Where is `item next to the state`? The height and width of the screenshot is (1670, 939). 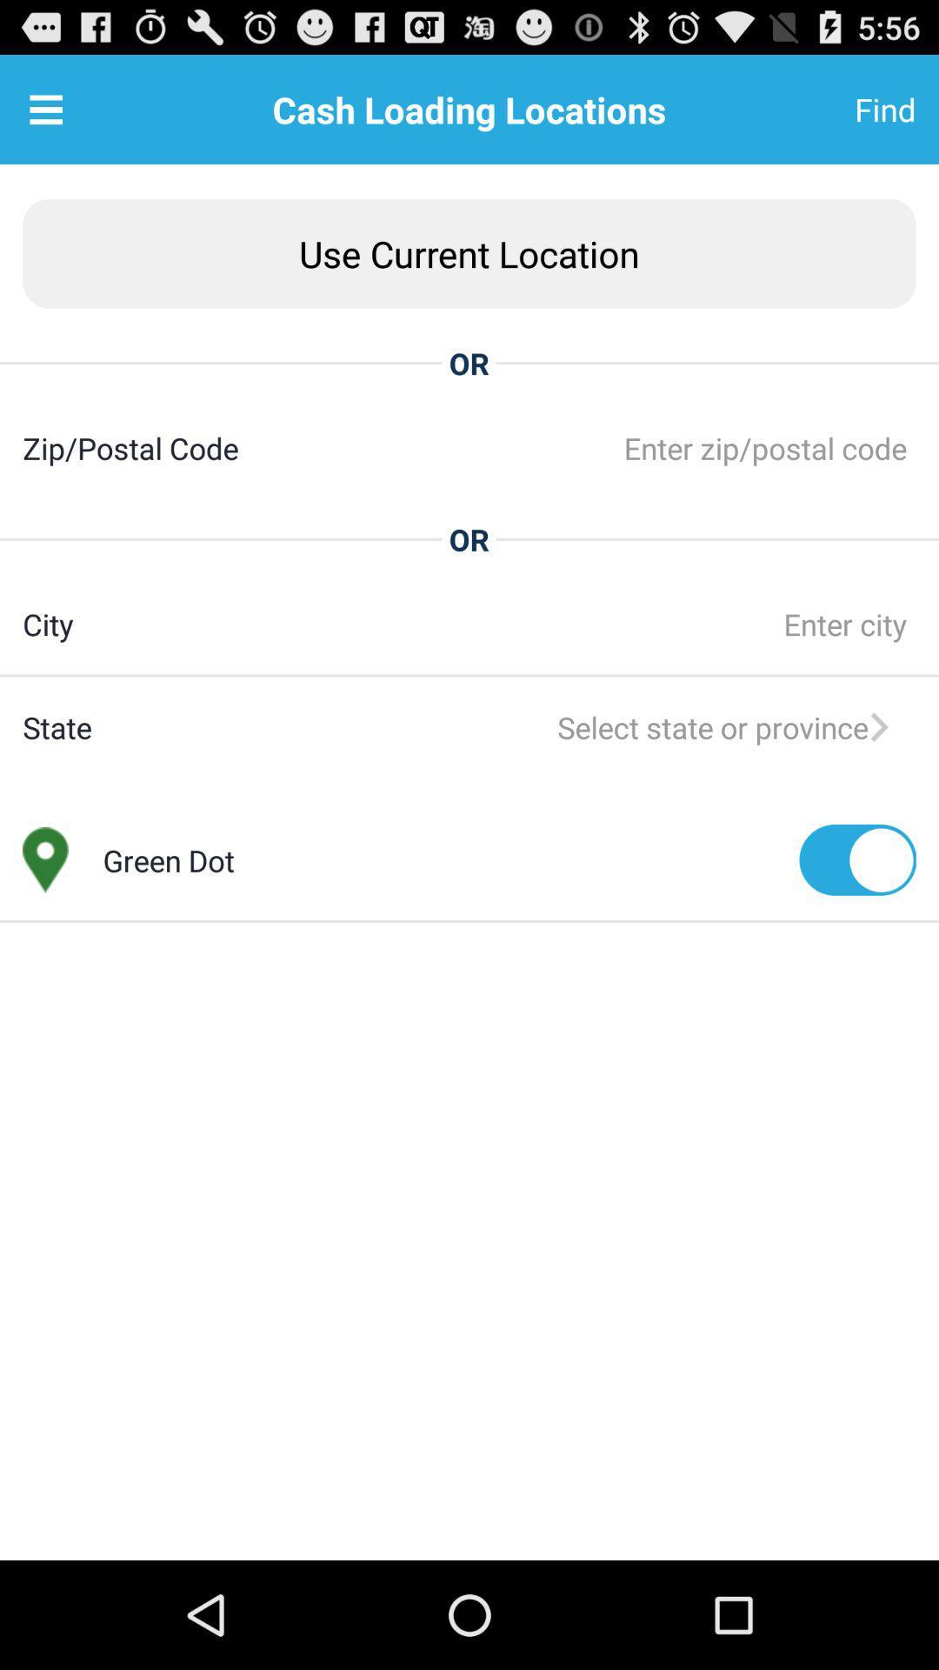 item next to the state is located at coordinates (503, 727).